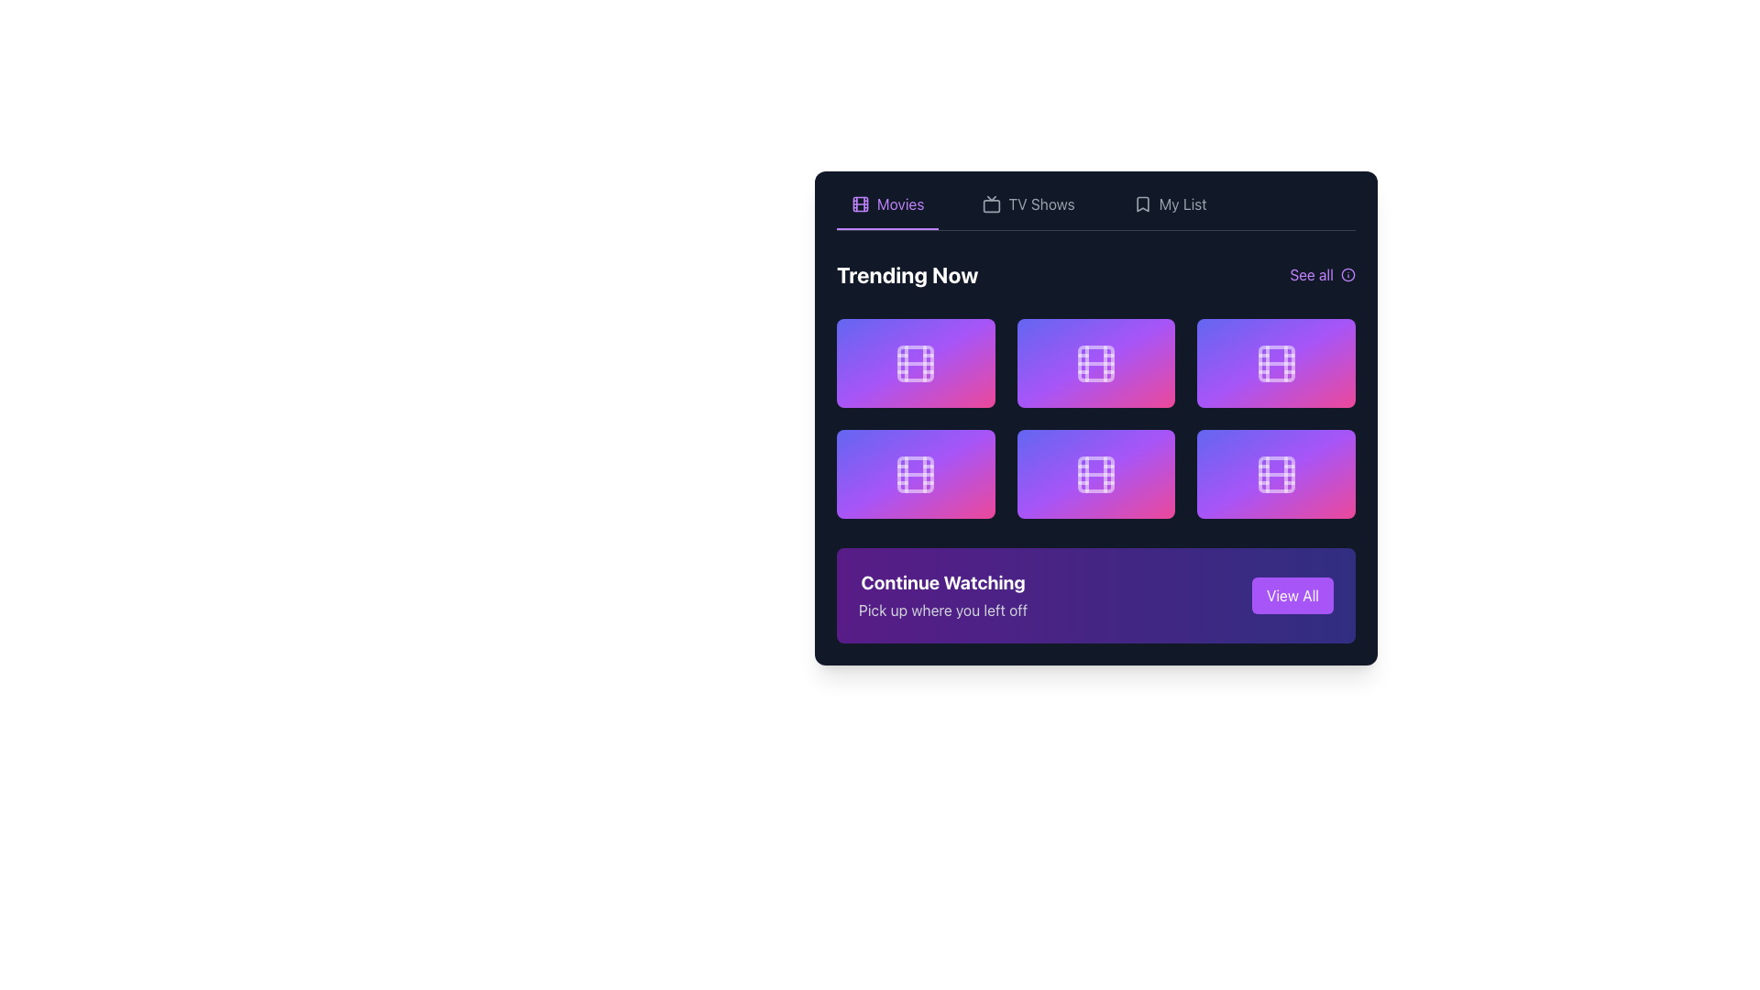 Image resolution: width=1760 pixels, height=990 pixels. Describe the element at coordinates (900, 204) in the screenshot. I see `the 'Movies' text label in the navigation bar` at that location.